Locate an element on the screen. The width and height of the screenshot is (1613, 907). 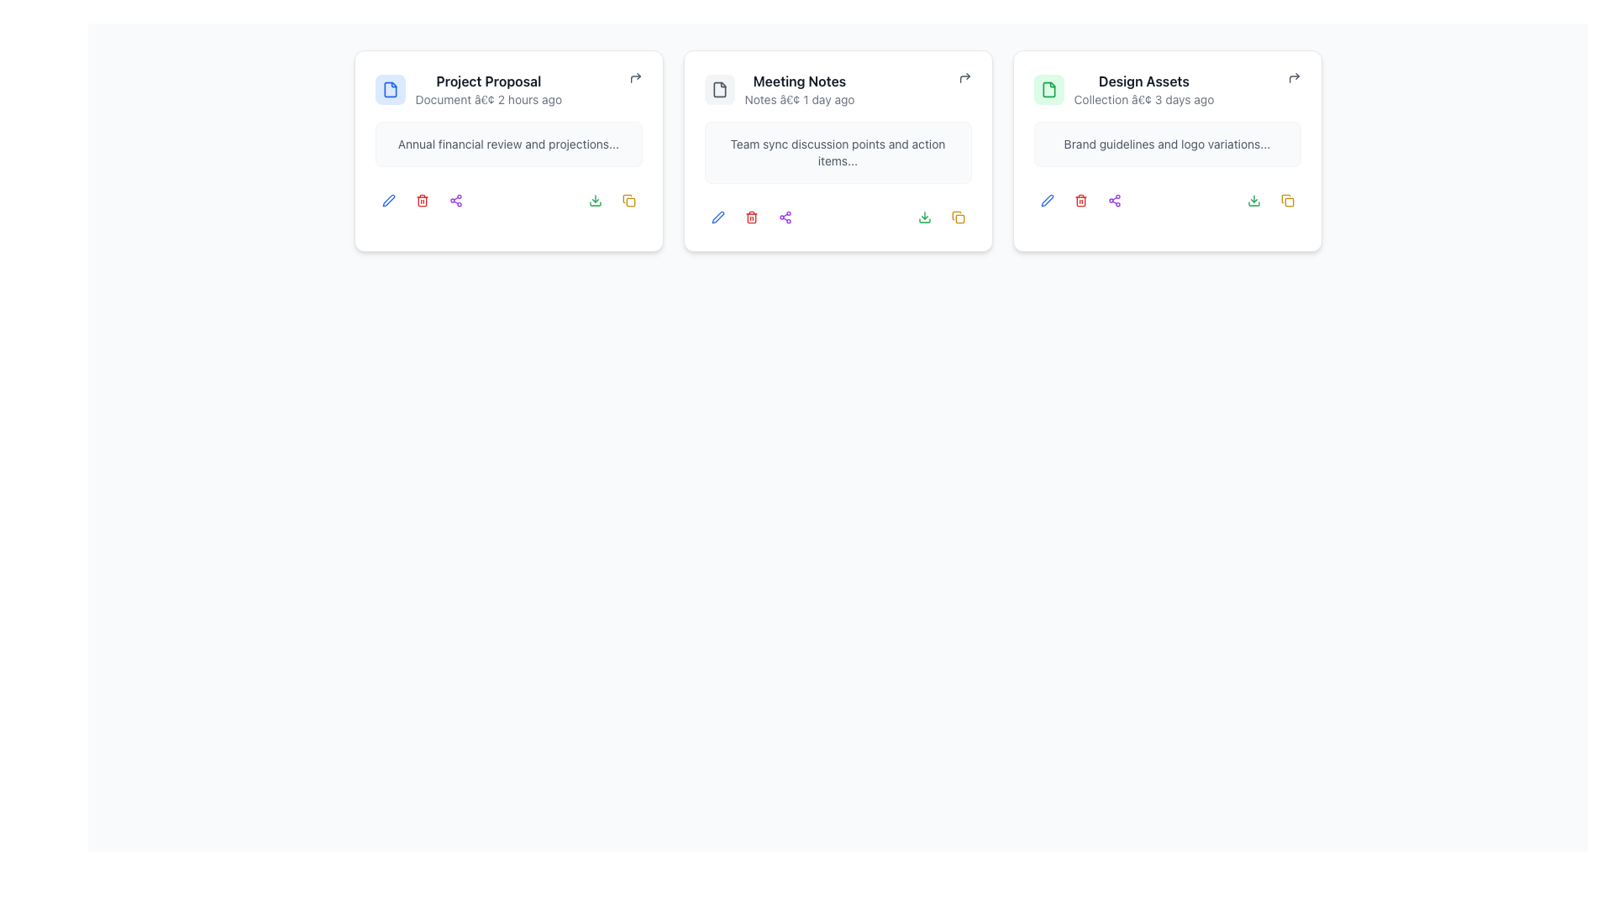
the pen icon located in the top right corner of the 'Project Proposal' card to initiate an edit action is located at coordinates (387, 200).